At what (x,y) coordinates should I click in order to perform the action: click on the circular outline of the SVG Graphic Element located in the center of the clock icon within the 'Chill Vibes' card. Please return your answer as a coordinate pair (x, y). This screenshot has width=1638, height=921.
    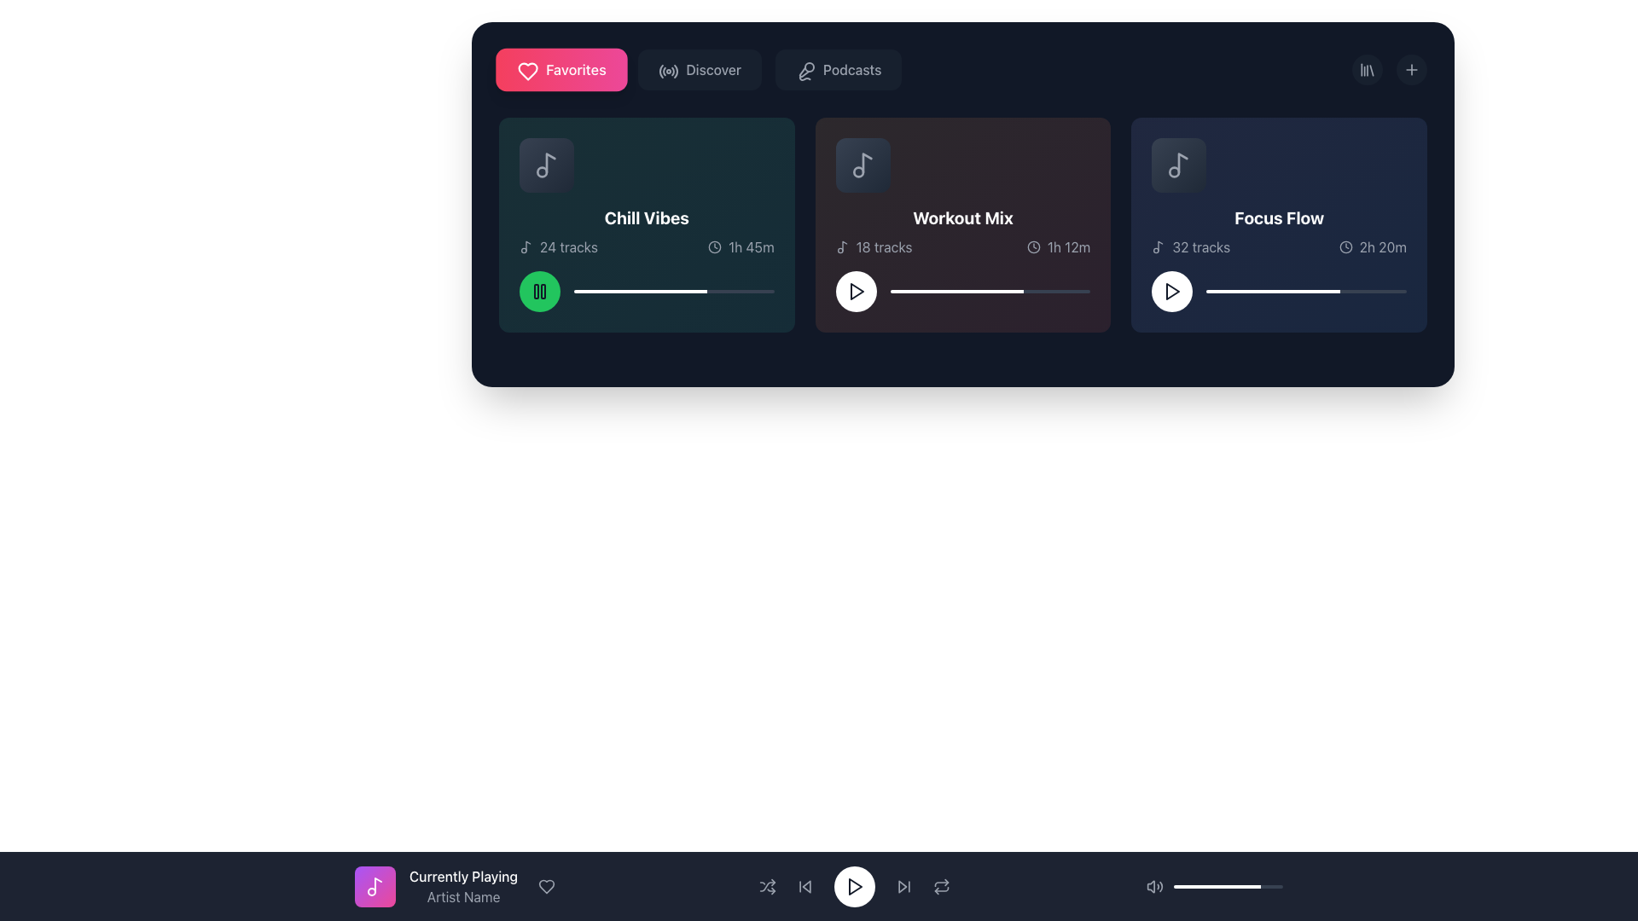
    Looking at the image, I should click on (715, 246).